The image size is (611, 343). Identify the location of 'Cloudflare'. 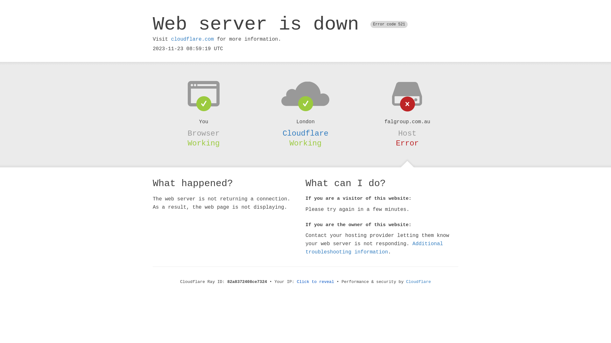
(305, 133).